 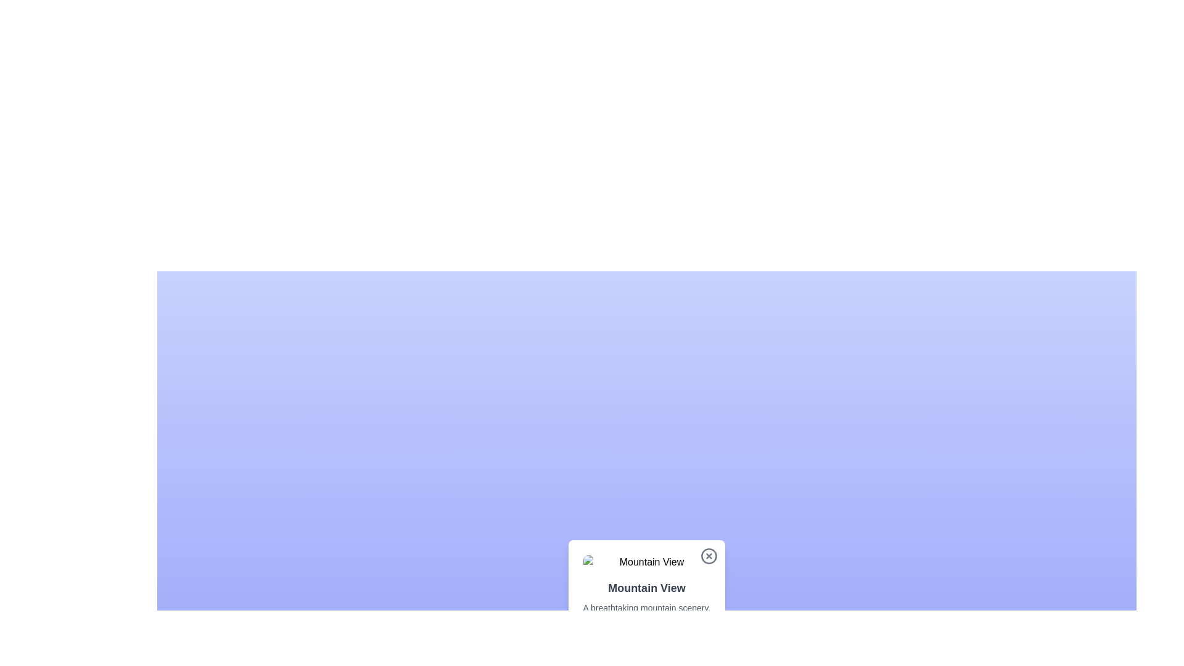 I want to click on the close button located at the top-right corner of the card displaying 'Mountain View', so click(x=709, y=556).